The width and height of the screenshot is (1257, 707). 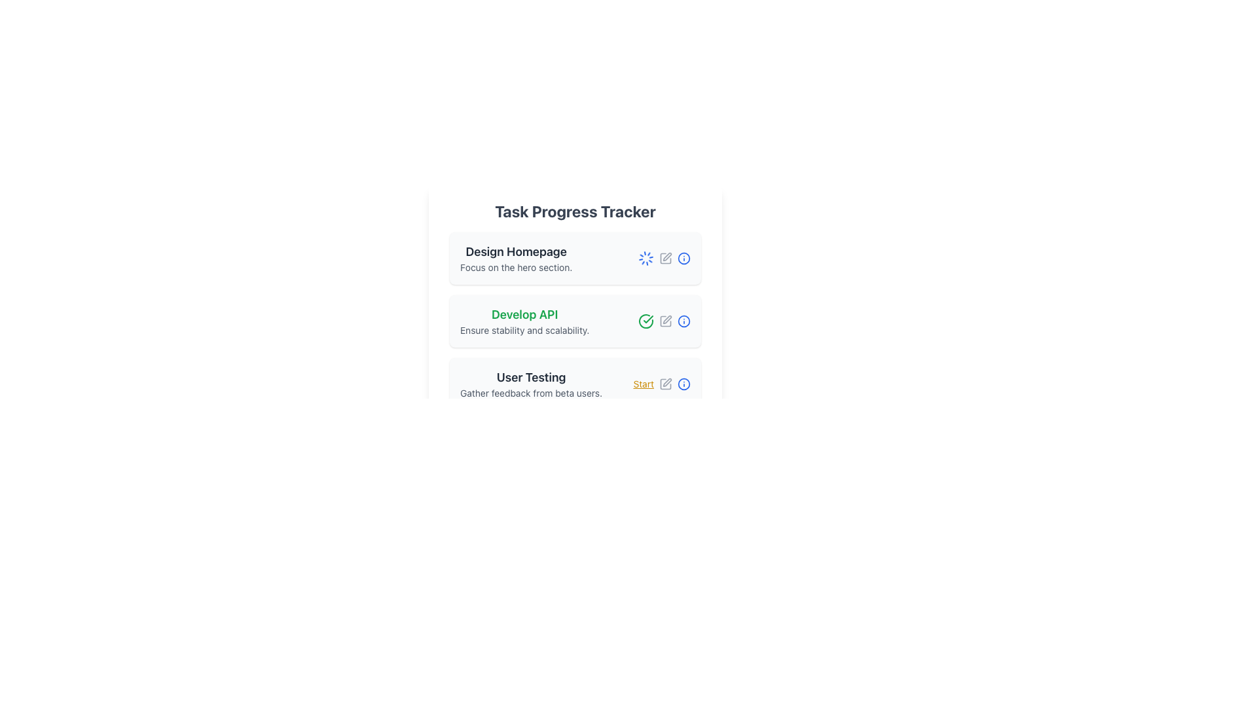 I want to click on the SVG graphic icon indicating an editable state for the 'Develop API' task in the task progress tracker section, so click(x=666, y=383).